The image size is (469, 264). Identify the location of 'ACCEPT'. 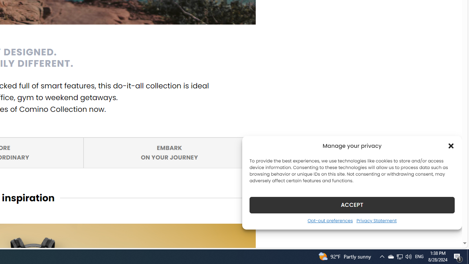
(352, 205).